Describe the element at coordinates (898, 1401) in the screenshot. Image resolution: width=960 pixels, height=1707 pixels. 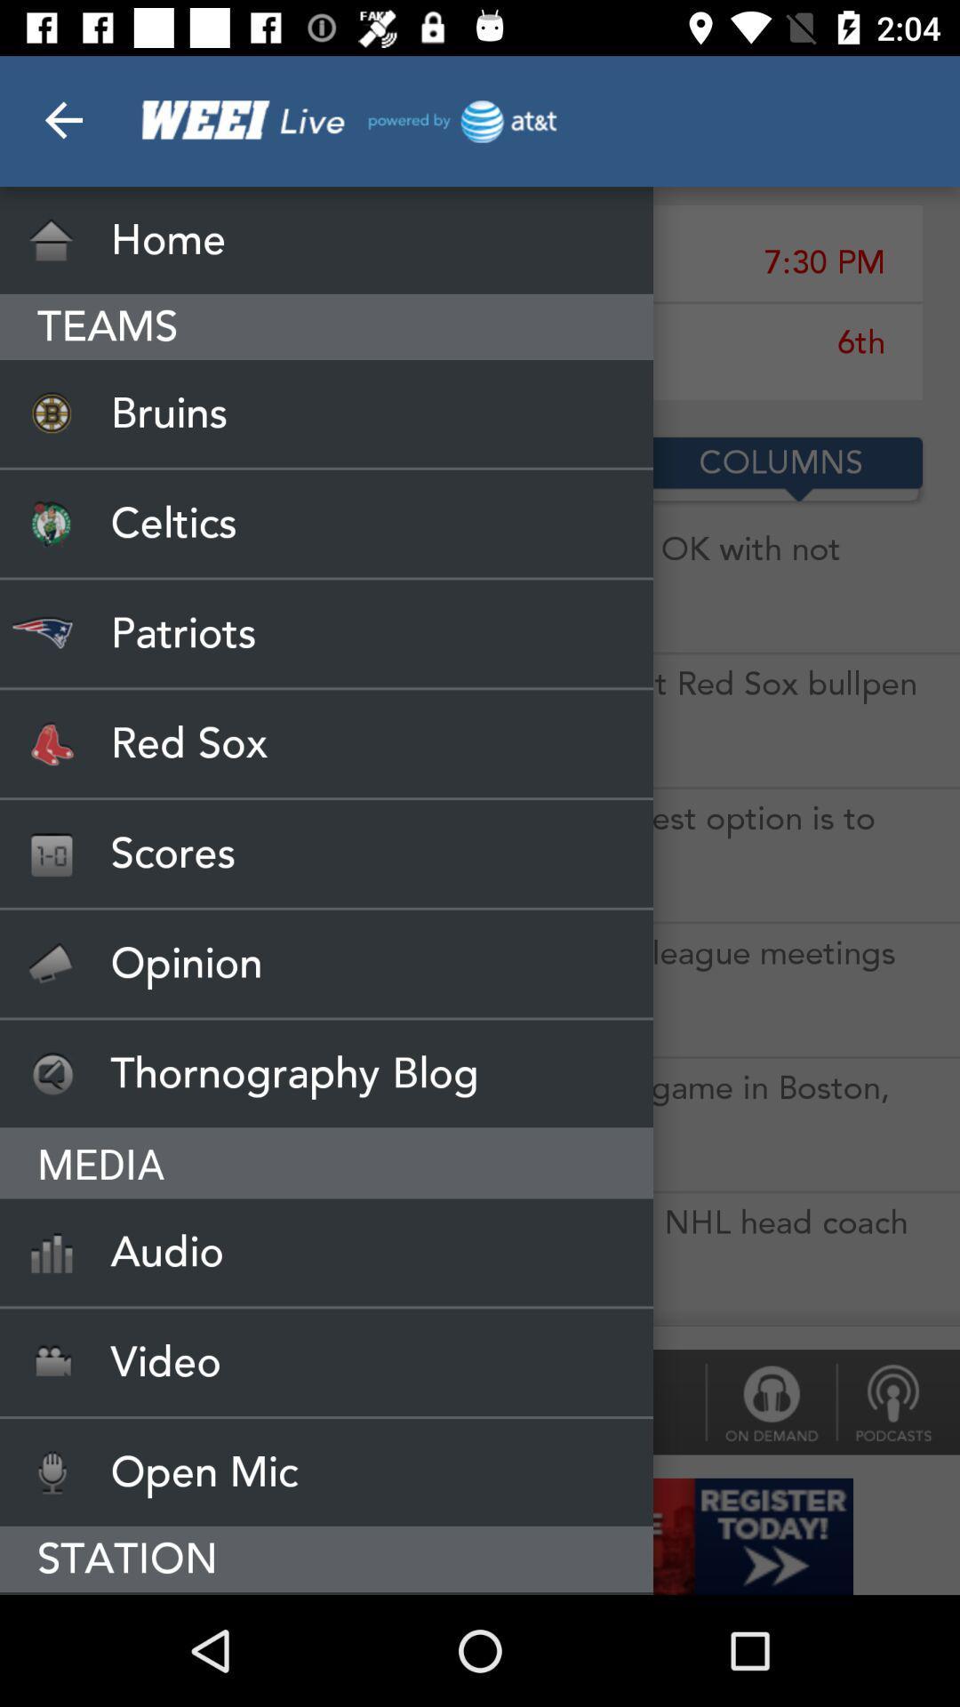
I see `the thumbs_down icon` at that location.